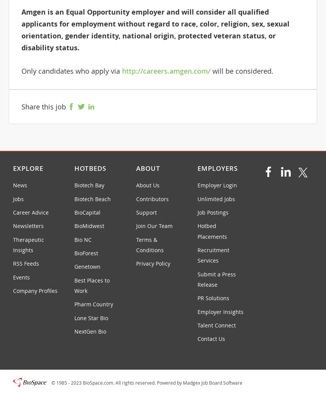 The height and width of the screenshot is (395, 326). Describe the element at coordinates (74, 212) in the screenshot. I see `'BioCapital'` at that location.